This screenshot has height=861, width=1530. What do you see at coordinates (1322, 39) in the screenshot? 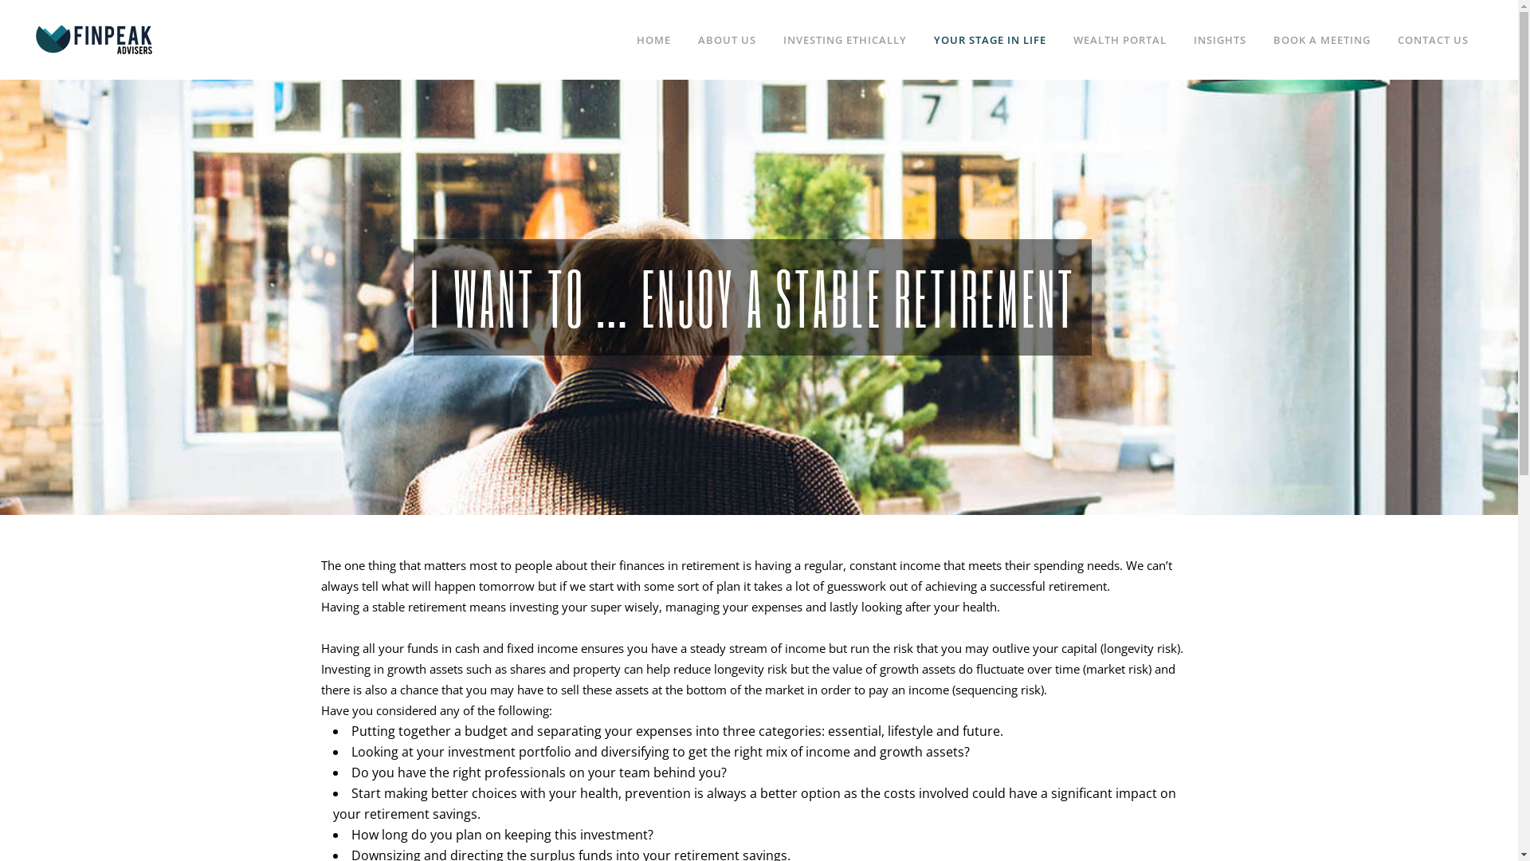
I see `'BOOK A MEETING'` at bounding box center [1322, 39].